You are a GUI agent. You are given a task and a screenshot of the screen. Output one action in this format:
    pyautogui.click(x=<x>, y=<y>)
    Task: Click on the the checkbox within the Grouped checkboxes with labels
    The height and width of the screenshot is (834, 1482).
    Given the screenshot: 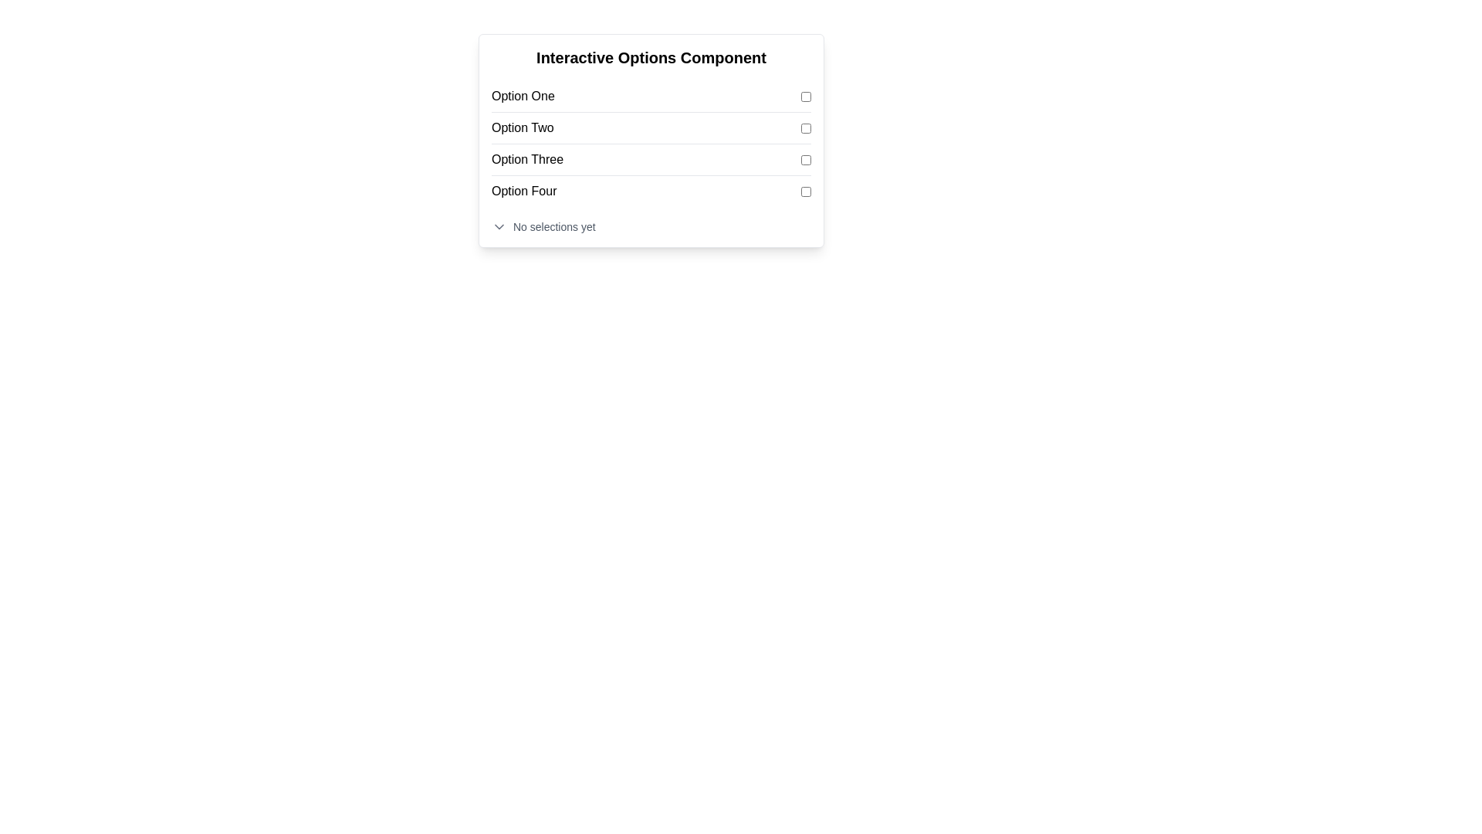 What is the action you would take?
    pyautogui.click(x=651, y=144)
    